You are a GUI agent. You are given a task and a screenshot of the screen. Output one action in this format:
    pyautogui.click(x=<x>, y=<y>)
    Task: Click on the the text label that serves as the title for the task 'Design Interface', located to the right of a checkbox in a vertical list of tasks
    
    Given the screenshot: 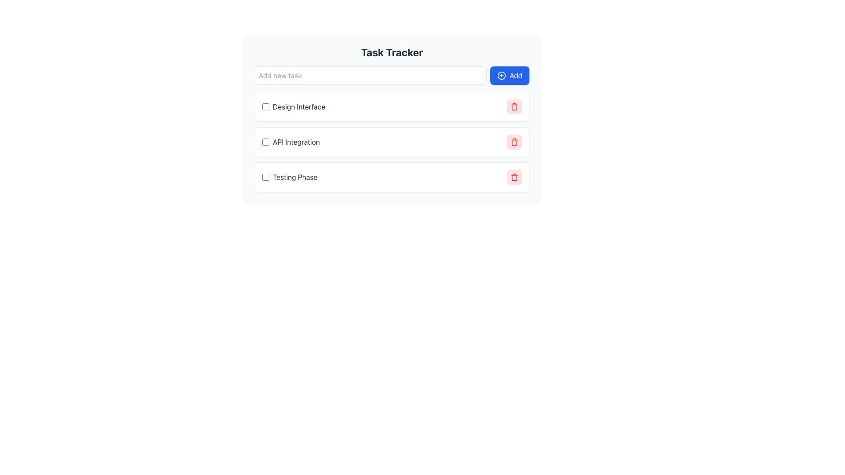 What is the action you would take?
    pyautogui.click(x=294, y=106)
    